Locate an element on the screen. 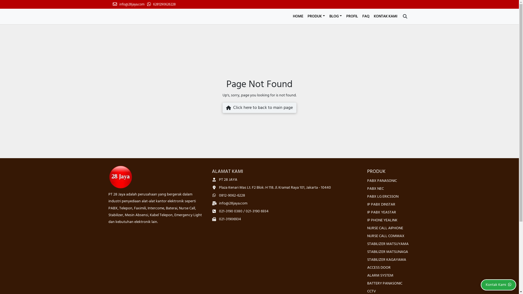 Image resolution: width=523 pixels, height=294 pixels. 'BLOG' is located at coordinates (335, 16).